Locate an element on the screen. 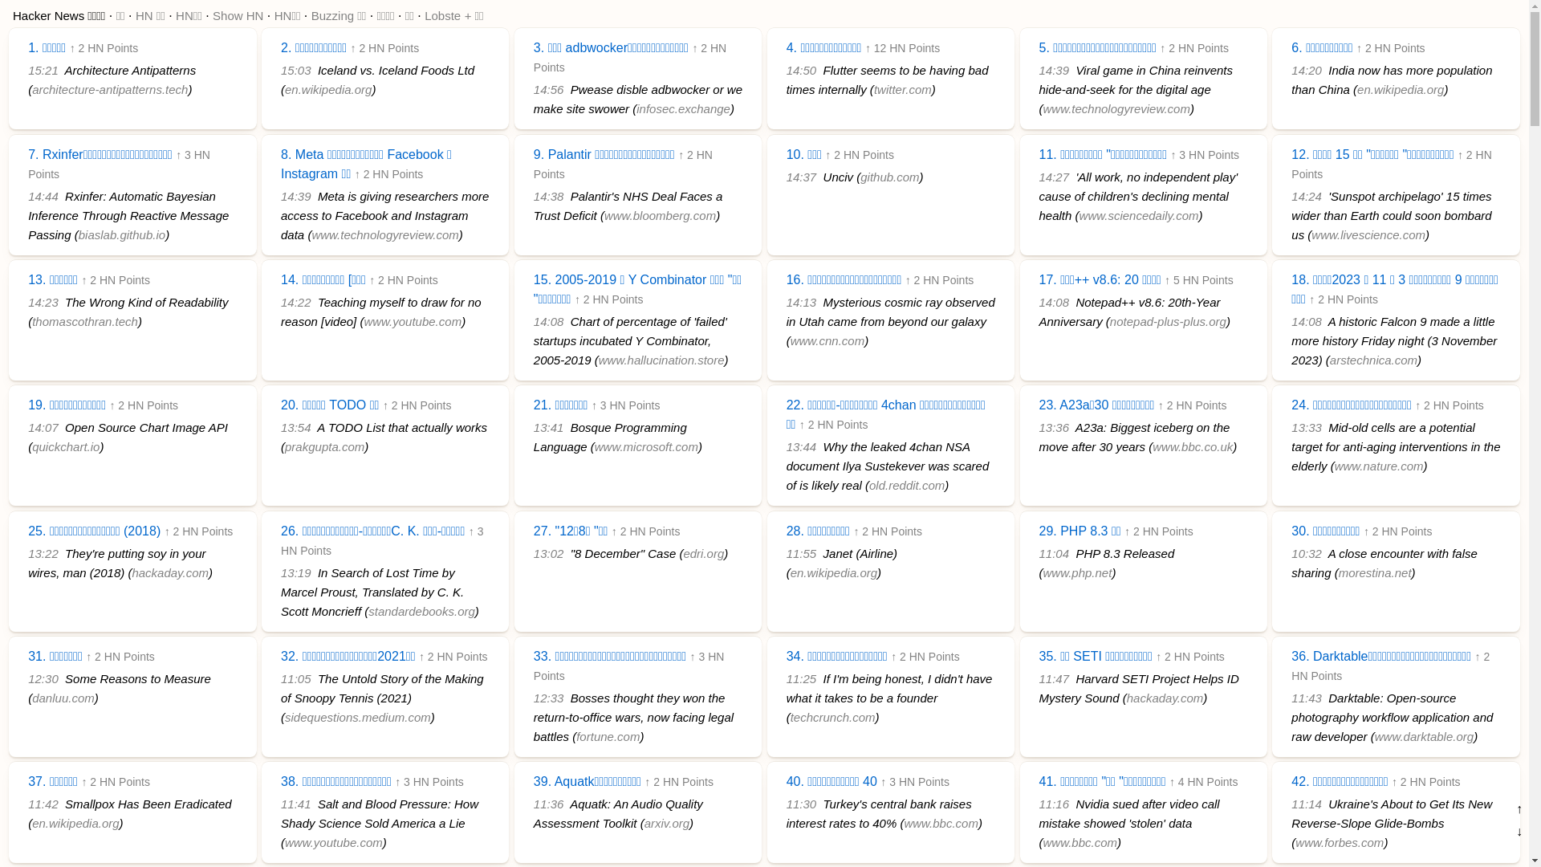 Image resolution: width=1541 pixels, height=867 pixels. 'www.forbes.com' is located at coordinates (1340, 841).